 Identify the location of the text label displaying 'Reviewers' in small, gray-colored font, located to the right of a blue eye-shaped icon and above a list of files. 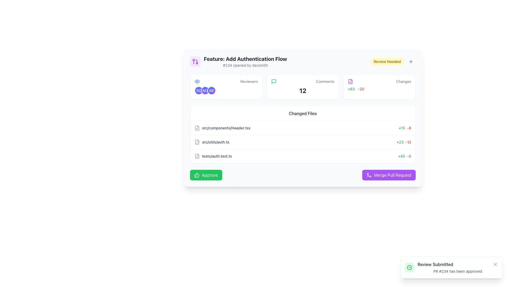
(249, 82).